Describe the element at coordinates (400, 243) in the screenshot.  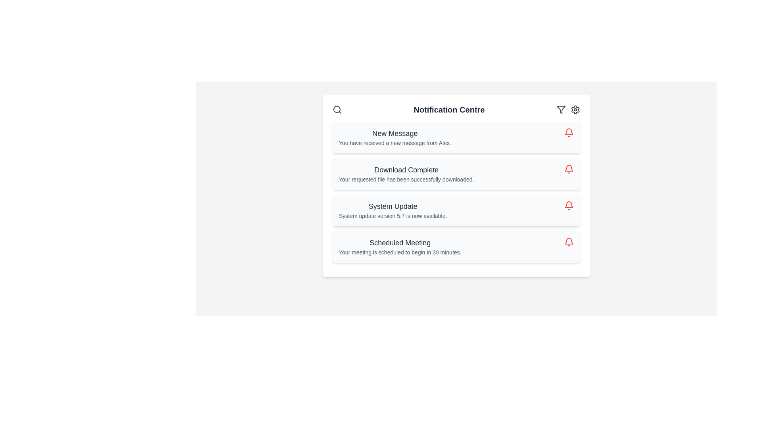
I see `the text block displaying 'Scheduled Meeting', which is styled in a large and bold dark gray font, located at the bottom of a list of notifications` at that location.